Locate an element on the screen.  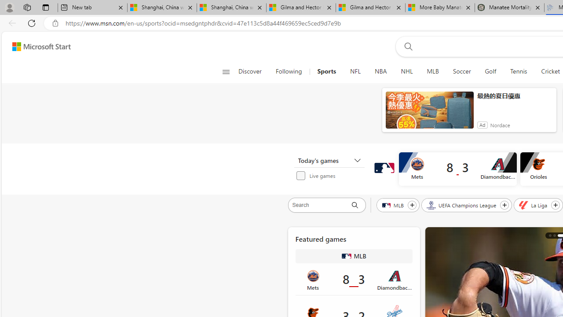
'NFL' is located at coordinates (355, 71).